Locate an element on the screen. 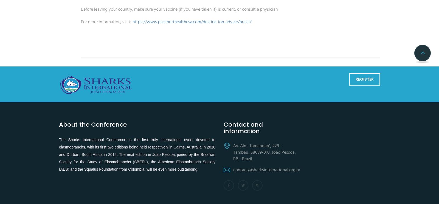 The image size is (439, 204). 'Contact and information' is located at coordinates (223, 127).